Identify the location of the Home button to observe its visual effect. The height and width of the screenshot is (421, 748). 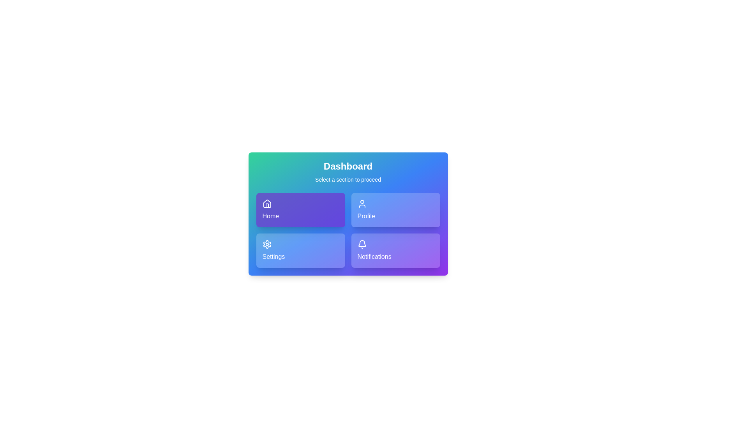
(300, 210).